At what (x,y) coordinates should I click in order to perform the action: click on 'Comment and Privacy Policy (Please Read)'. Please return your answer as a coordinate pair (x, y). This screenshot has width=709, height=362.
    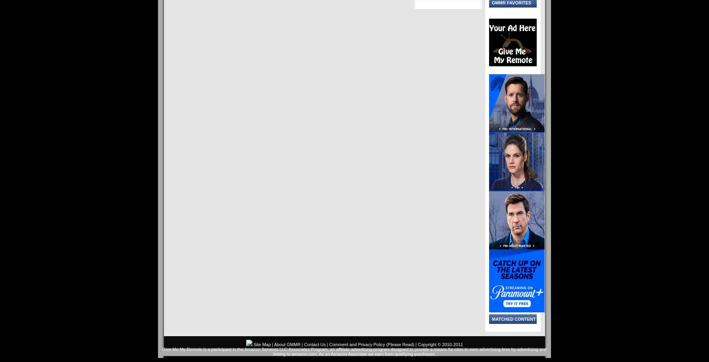
    Looking at the image, I should click on (372, 345).